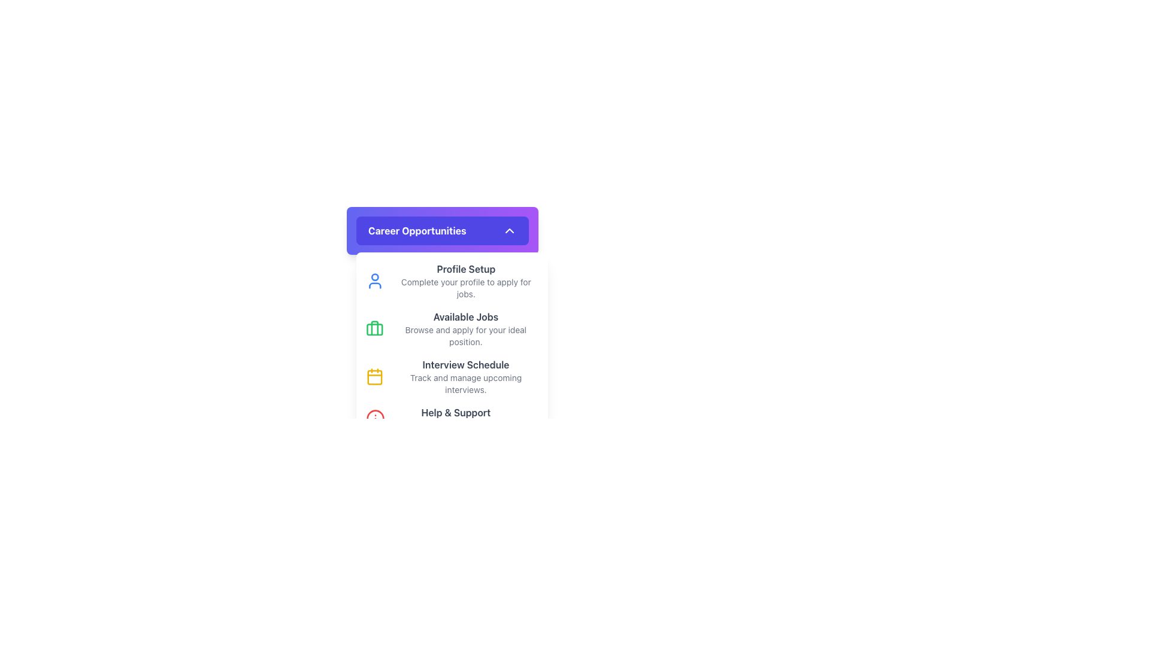 Image resolution: width=1150 pixels, height=646 pixels. What do you see at coordinates (465, 329) in the screenshot?
I see `informational text block titled 'Available Jobs' which is styled in bold dark gray and is part of the 'Career Opportunities' section, located between 'Profile Setup' and 'Interview Schedule'` at bounding box center [465, 329].